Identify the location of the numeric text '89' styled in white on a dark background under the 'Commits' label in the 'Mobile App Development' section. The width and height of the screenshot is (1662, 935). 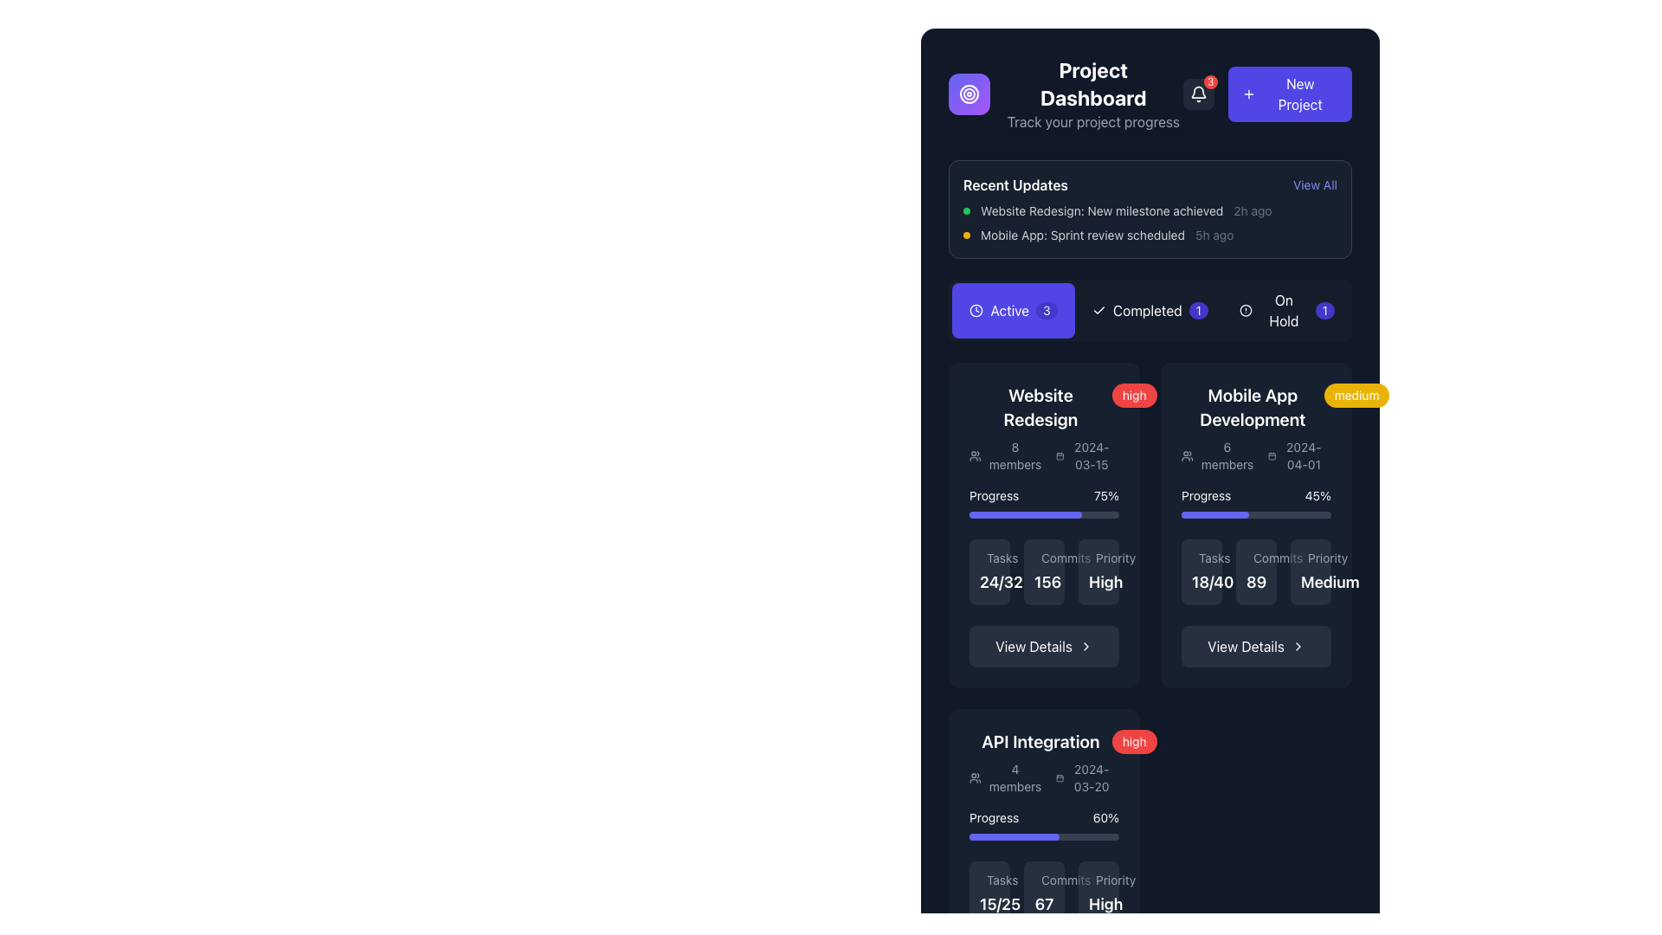
(1256, 571).